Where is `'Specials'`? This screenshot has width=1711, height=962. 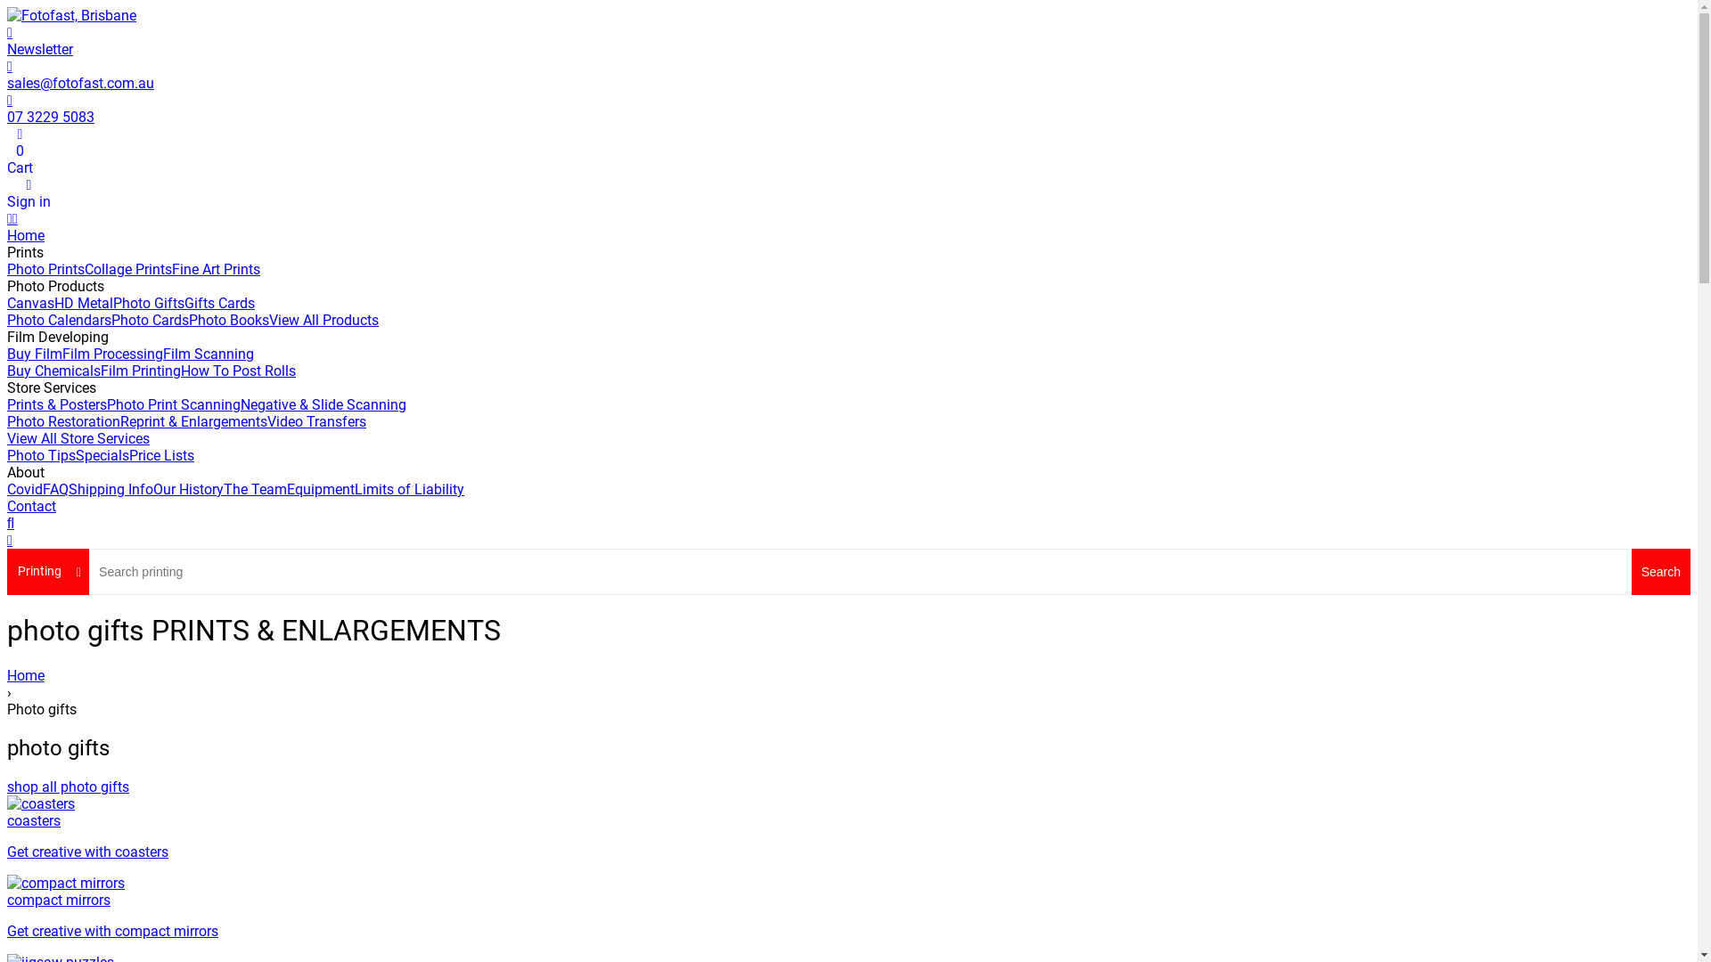 'Specials' is located at coordinates (75, 454).